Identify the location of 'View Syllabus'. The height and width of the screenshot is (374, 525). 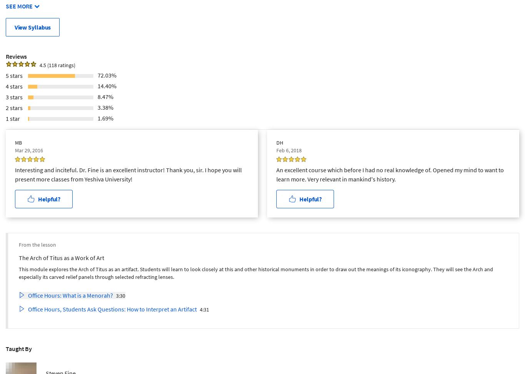
(32, 27).